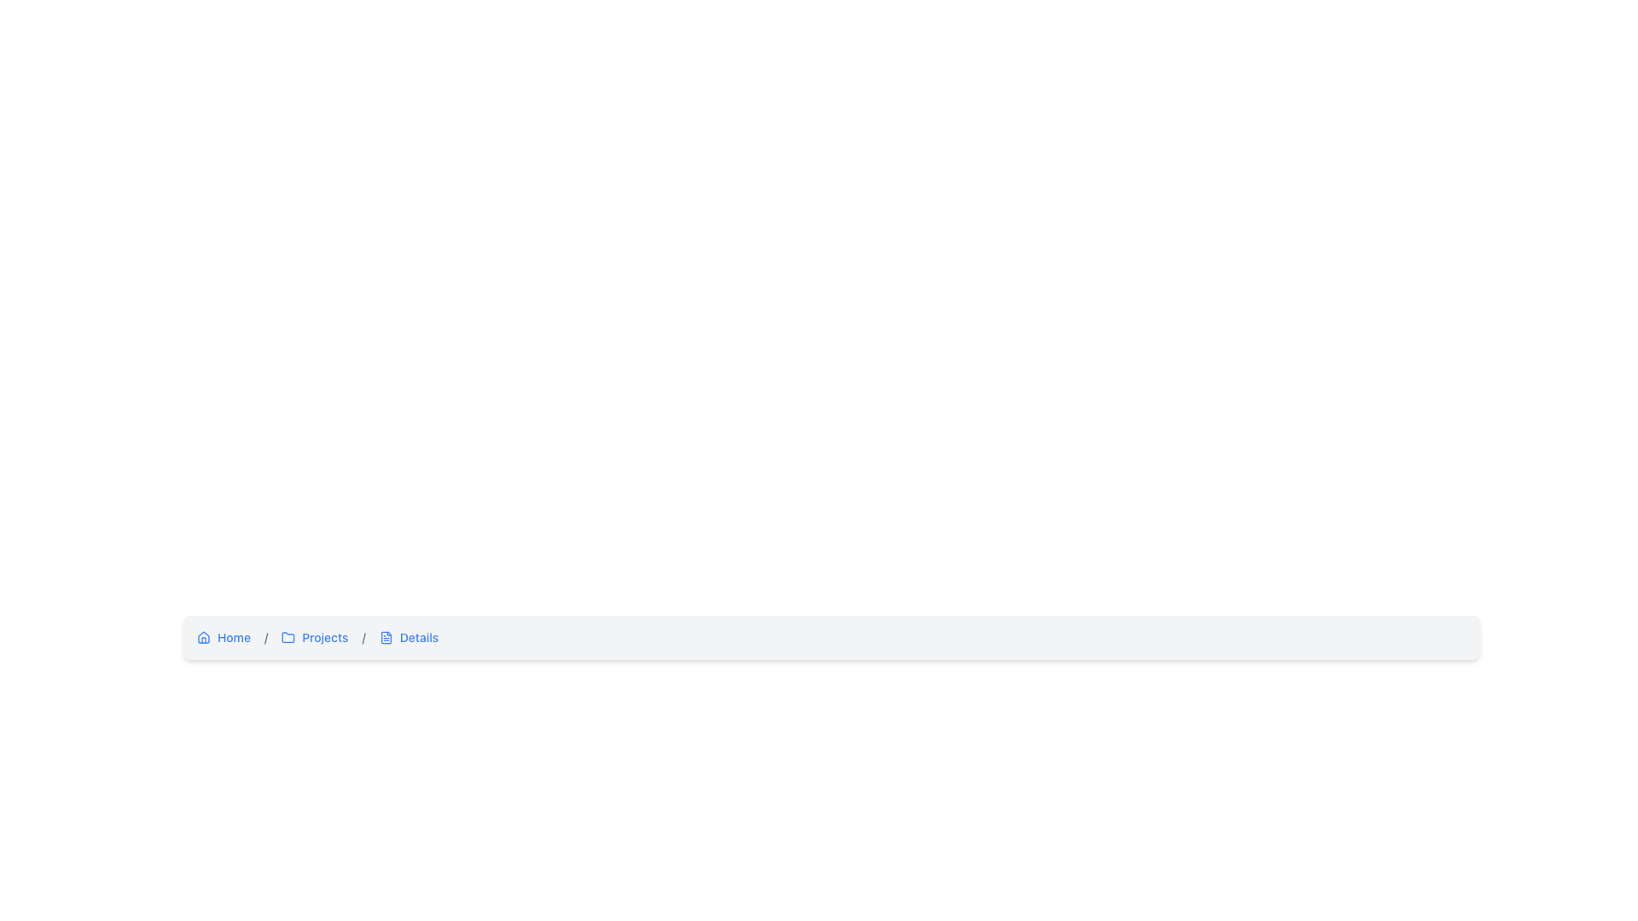 This screenshot has height=921, width=1638. I want to click on the text element acting as a separator in the breadcrumb navigation bar, located between the 'Home' and 'Projects' links, so click(363, 637).